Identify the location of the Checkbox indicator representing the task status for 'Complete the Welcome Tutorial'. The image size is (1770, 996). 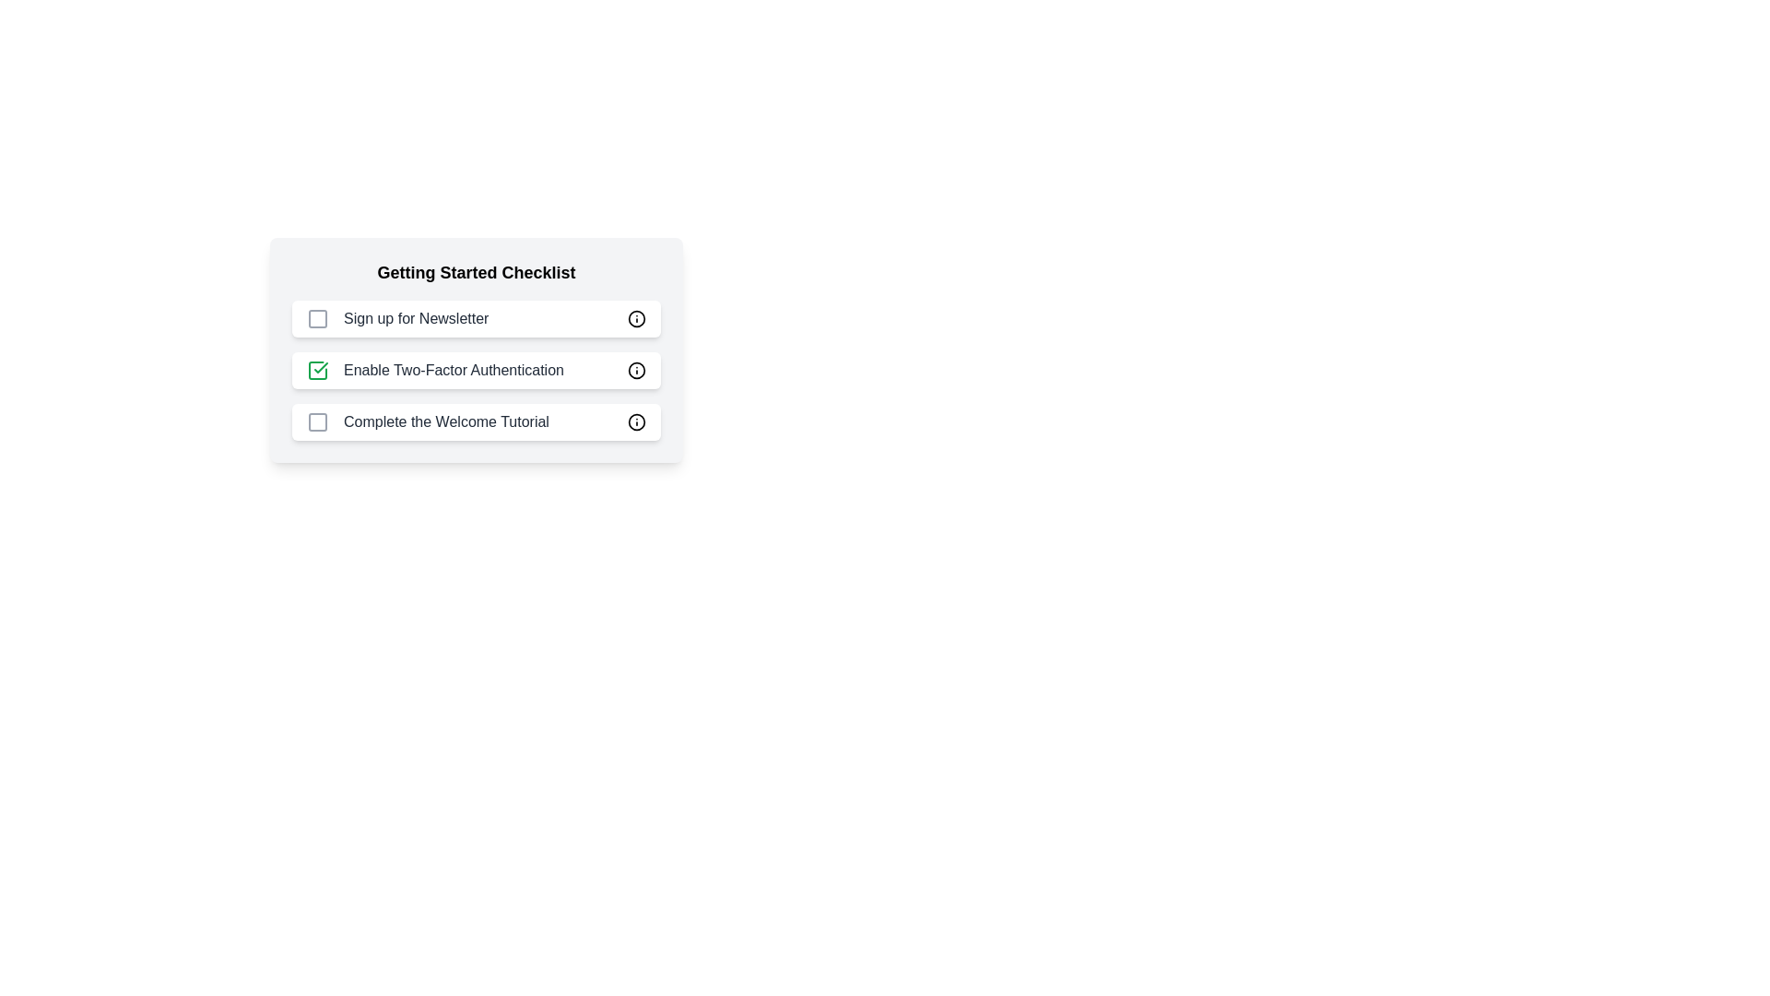
(318, 422).